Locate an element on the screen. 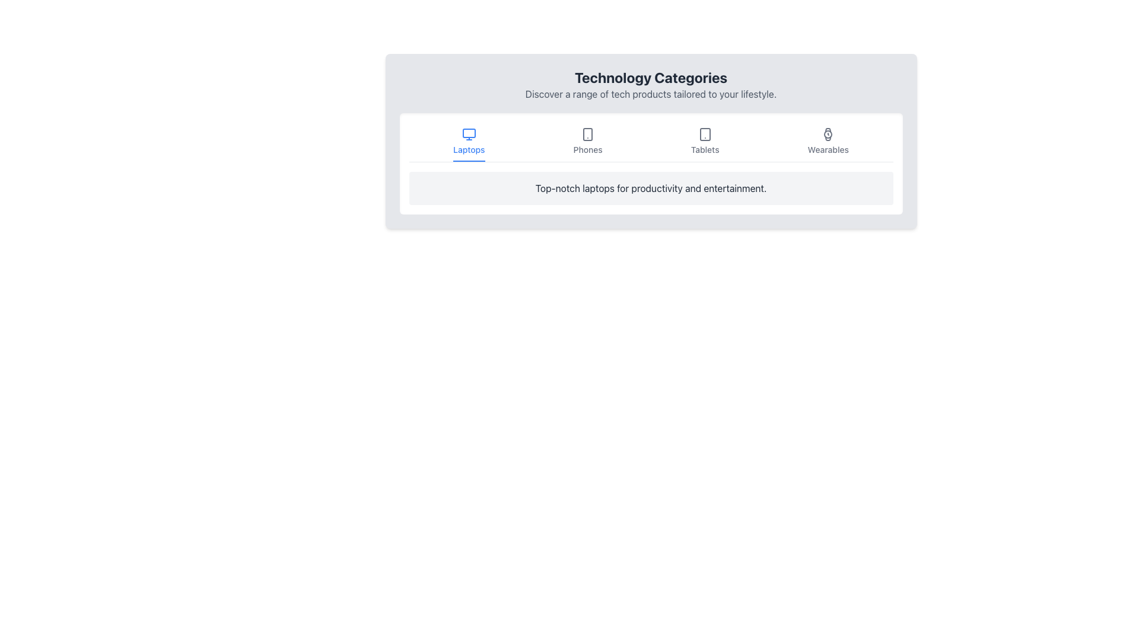 This screenshot has height=640, width=1139. the tablet icon in the 'Tablets' section to trigger the tooltip is located at coordinates (705, 134).